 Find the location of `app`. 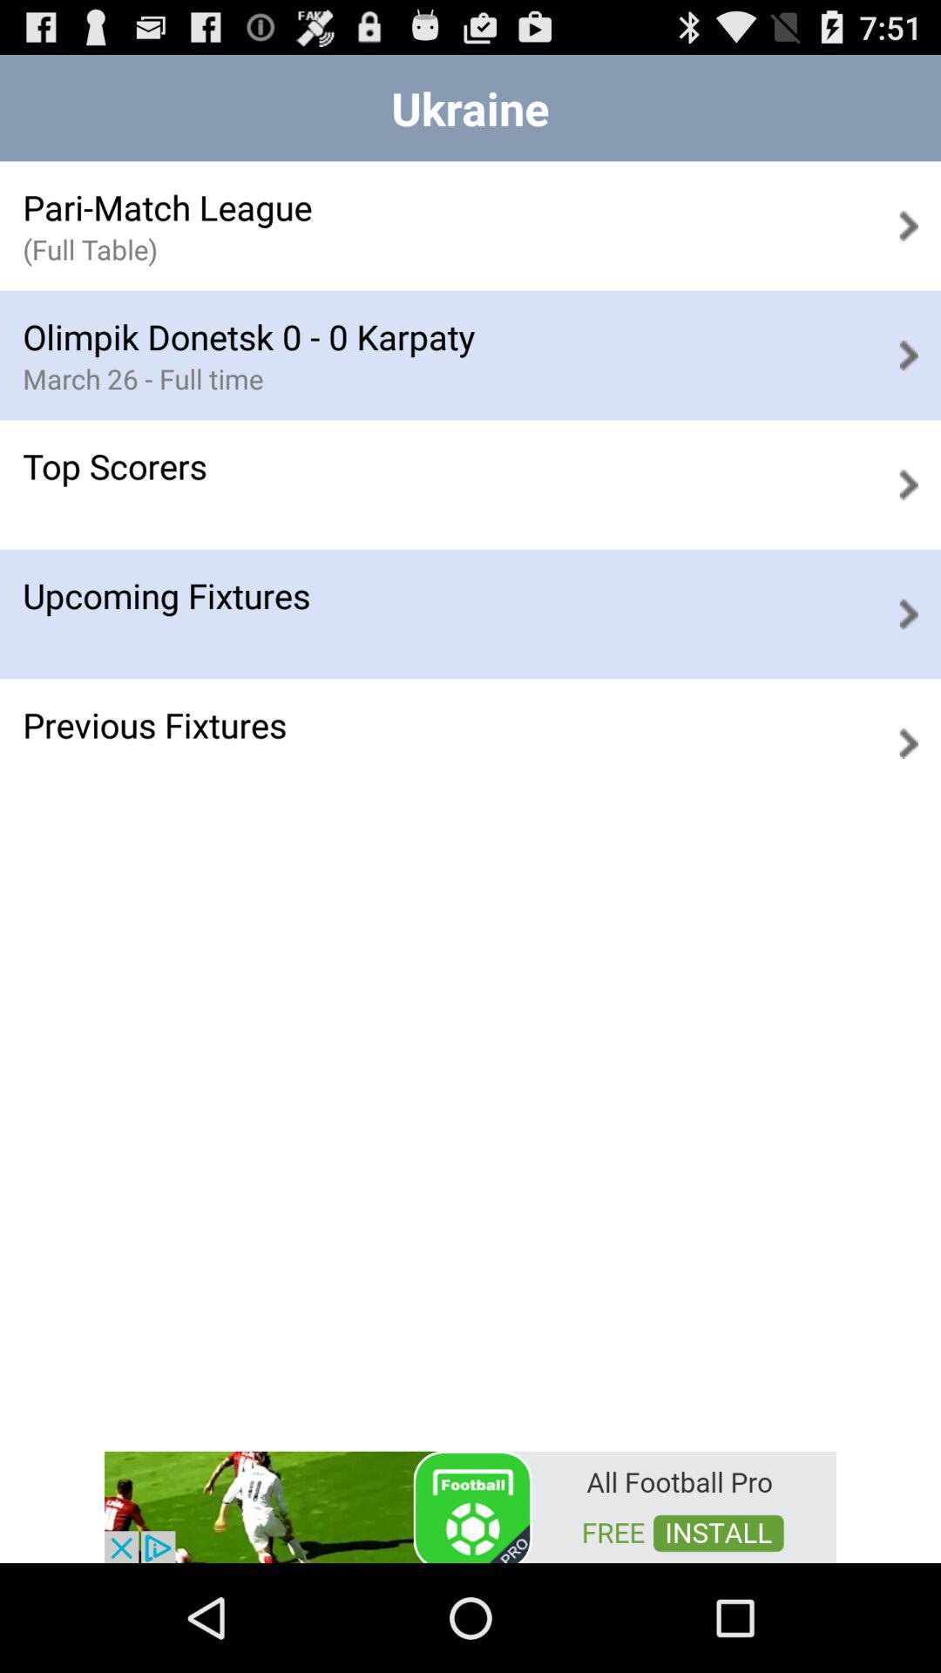

app is located at coordinates (470, 1505).